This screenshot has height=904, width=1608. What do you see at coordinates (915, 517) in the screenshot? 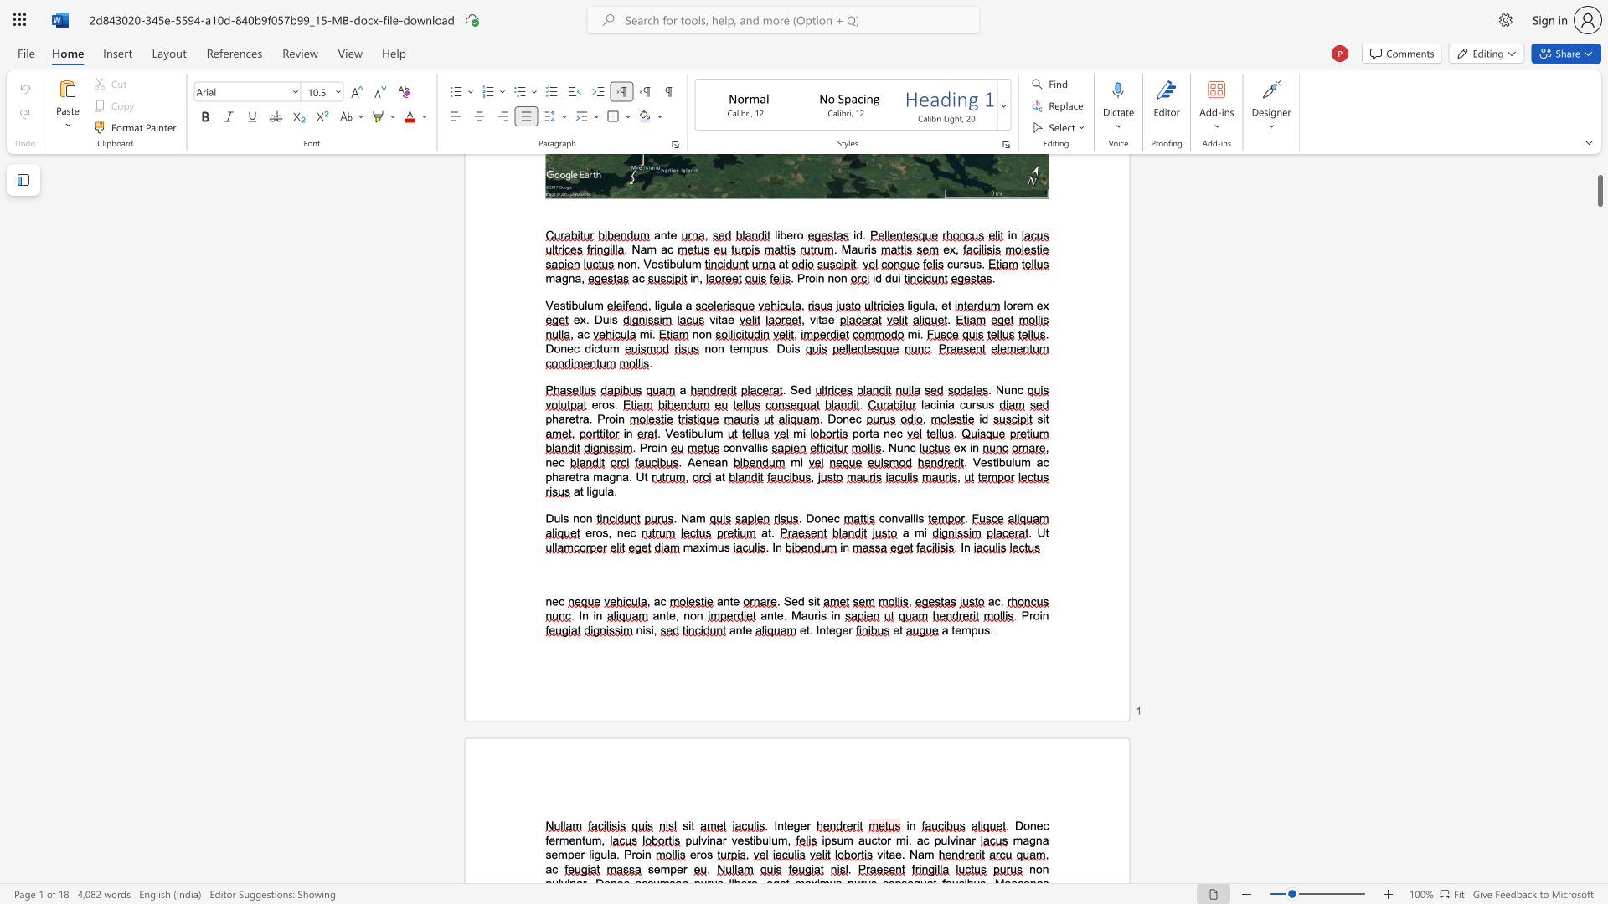
I see `the 1th character "i" in the text` at bounding box center [915, 517].